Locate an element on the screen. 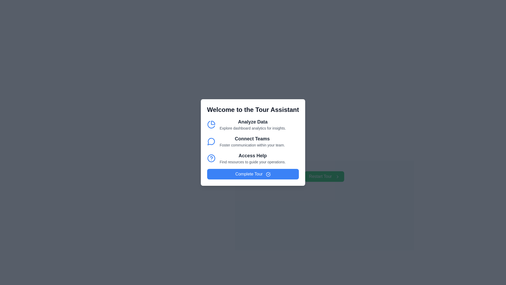 This screenshot has width=506, height=285. the pie chart icon segment located to the left of the 'Analyze Data' text in the modal interface is located at coordinates (213, 123).